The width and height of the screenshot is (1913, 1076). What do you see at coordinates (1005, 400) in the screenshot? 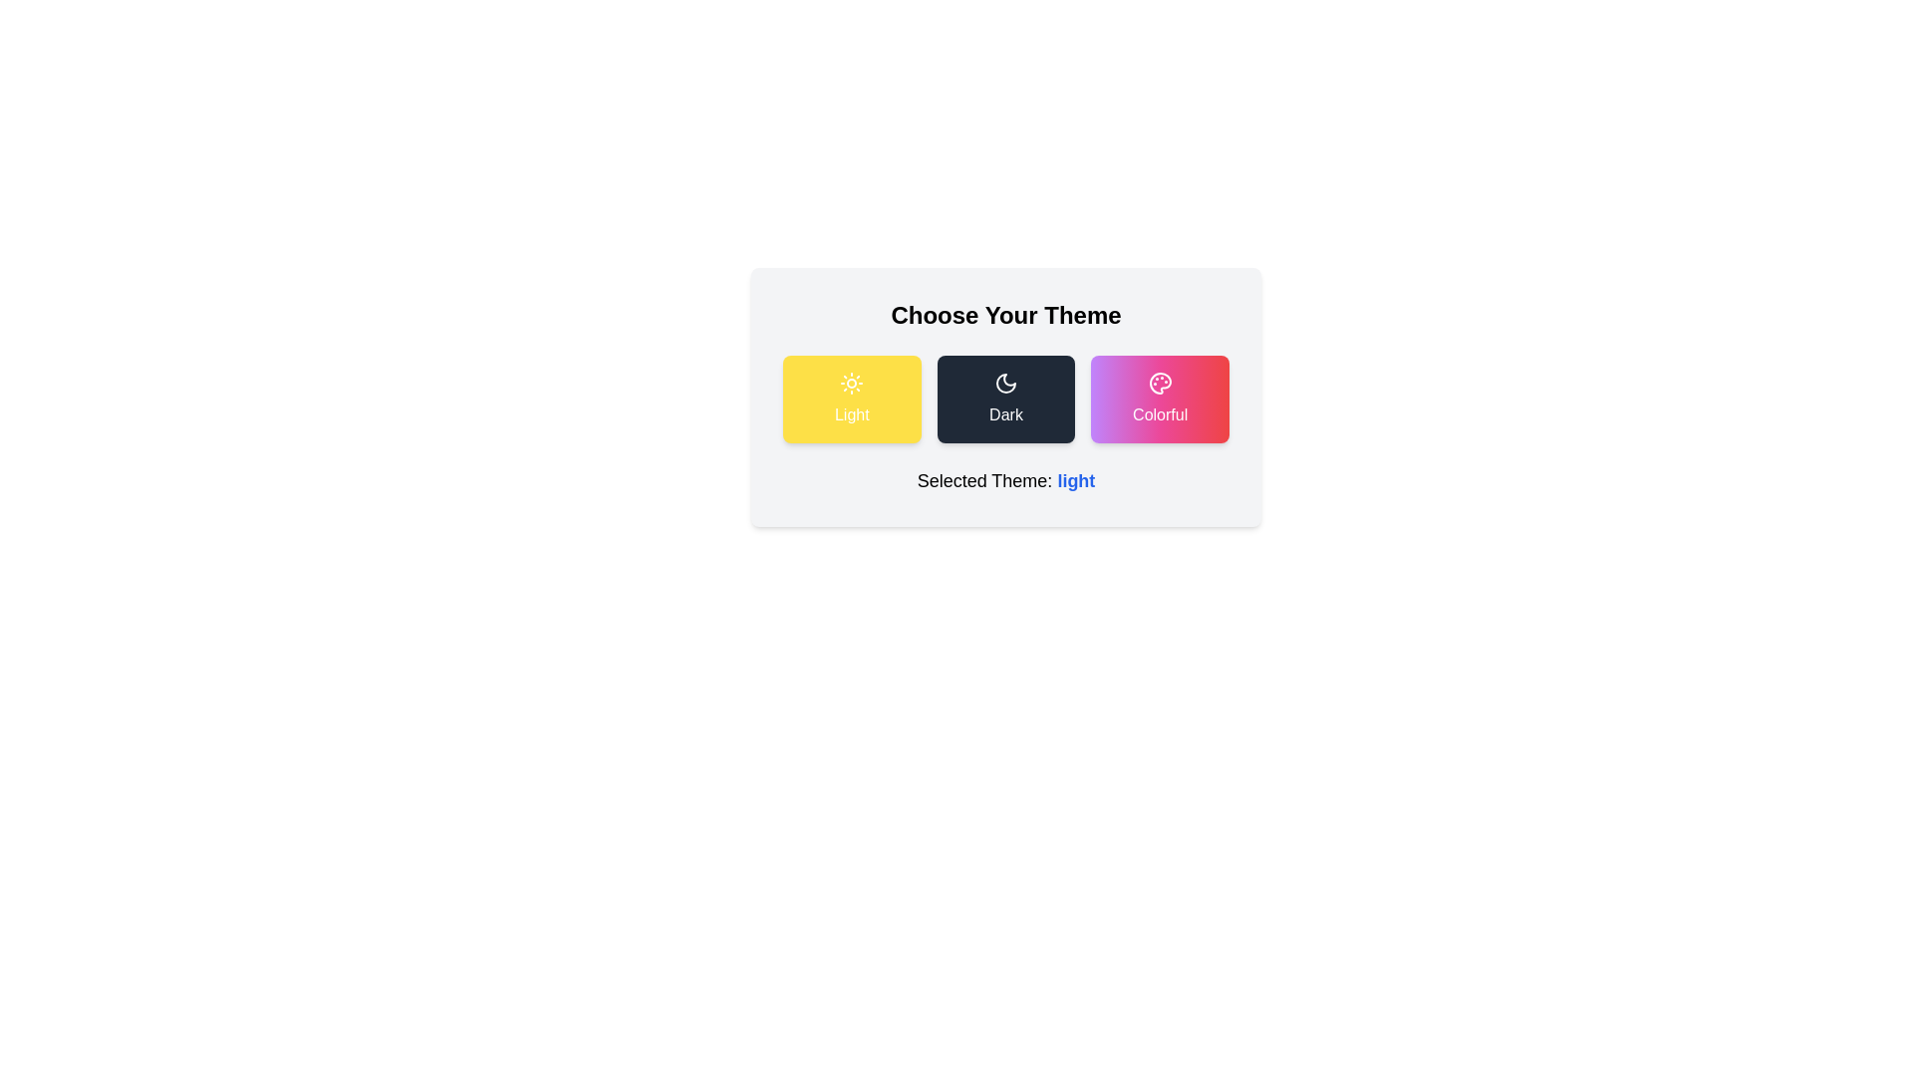
I see `the Dark button to observe its focus effects` at bounding box center [1005, 400].